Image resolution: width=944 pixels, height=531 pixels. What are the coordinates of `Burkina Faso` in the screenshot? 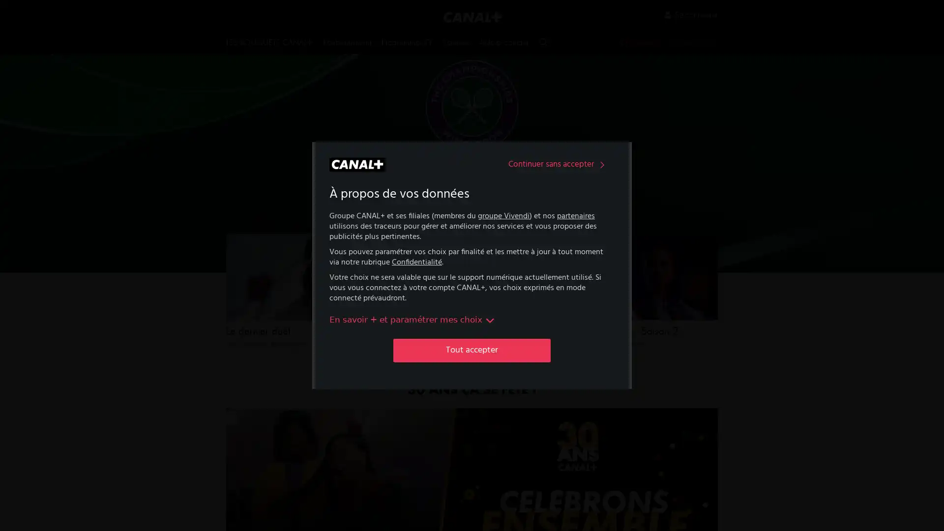 It's located at (378, 204).